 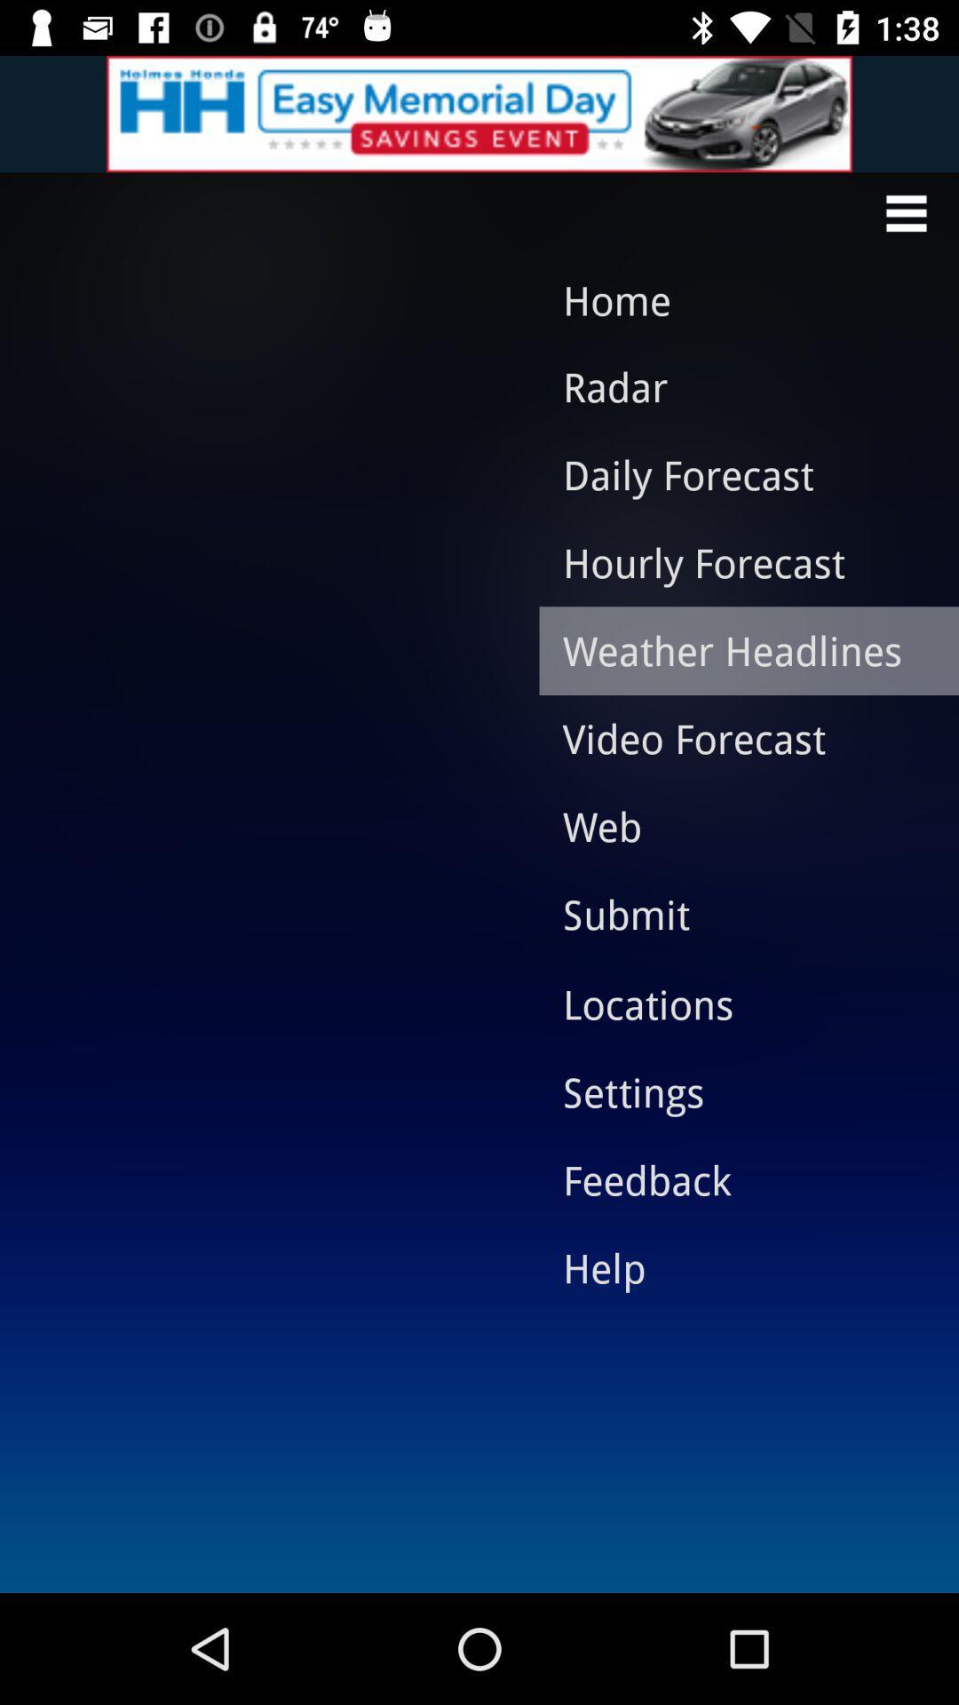 What do you see at coordinates (735, 825) in the screenshot?
I see `the item above submit` at bounding box center [735, 825].